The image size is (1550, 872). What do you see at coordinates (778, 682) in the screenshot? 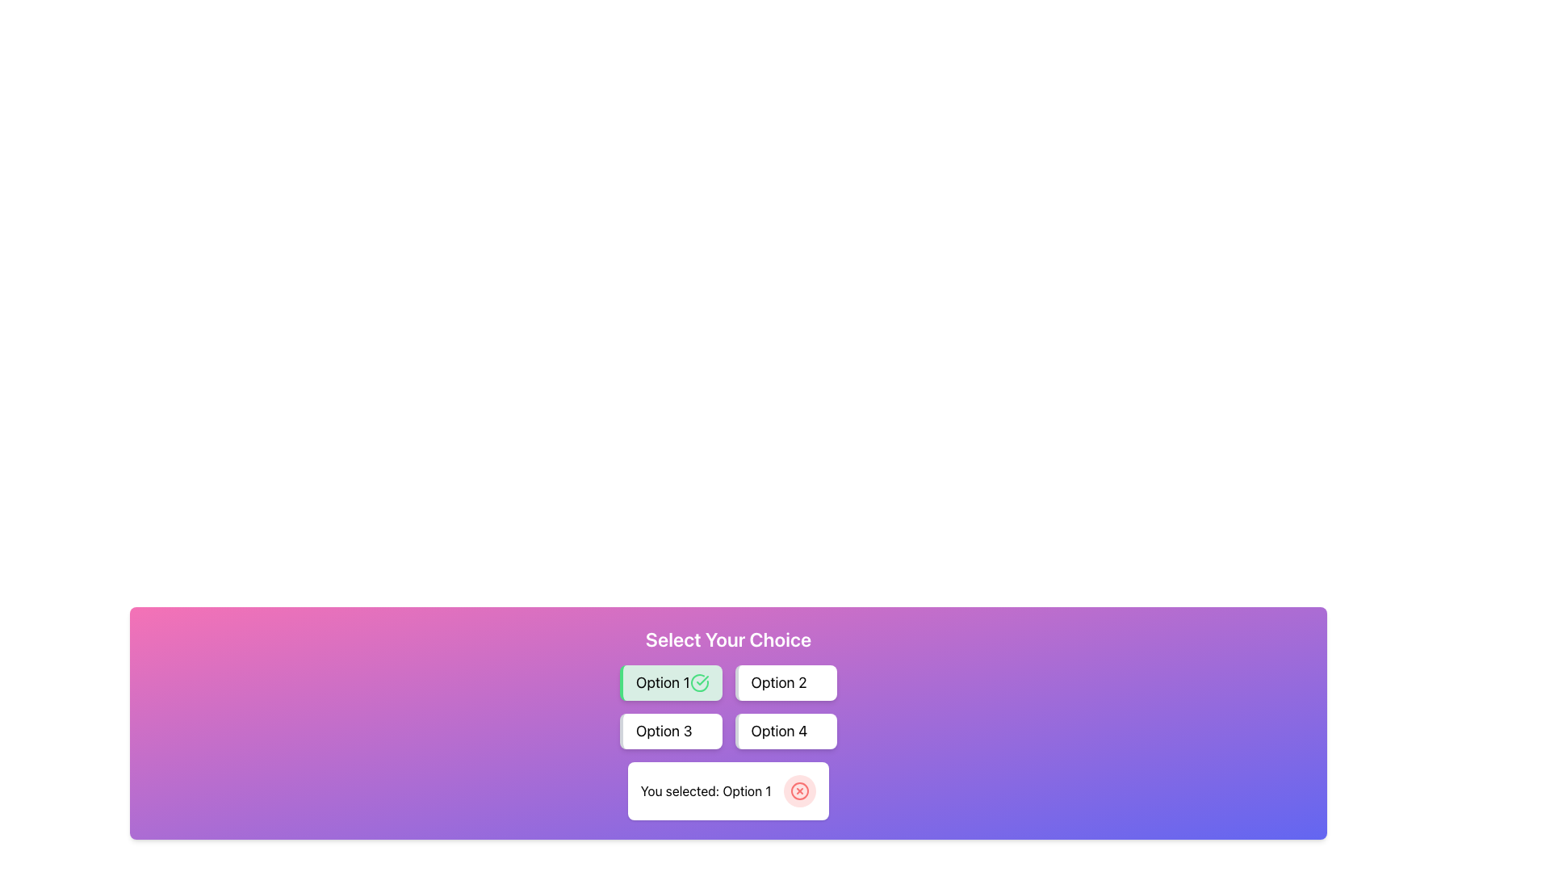
I see `the text label denoting 'Option 2' in the second box of a 2x2 grid layout, located below the title 'Select Your Choice'` at bounding box center [778, 682].